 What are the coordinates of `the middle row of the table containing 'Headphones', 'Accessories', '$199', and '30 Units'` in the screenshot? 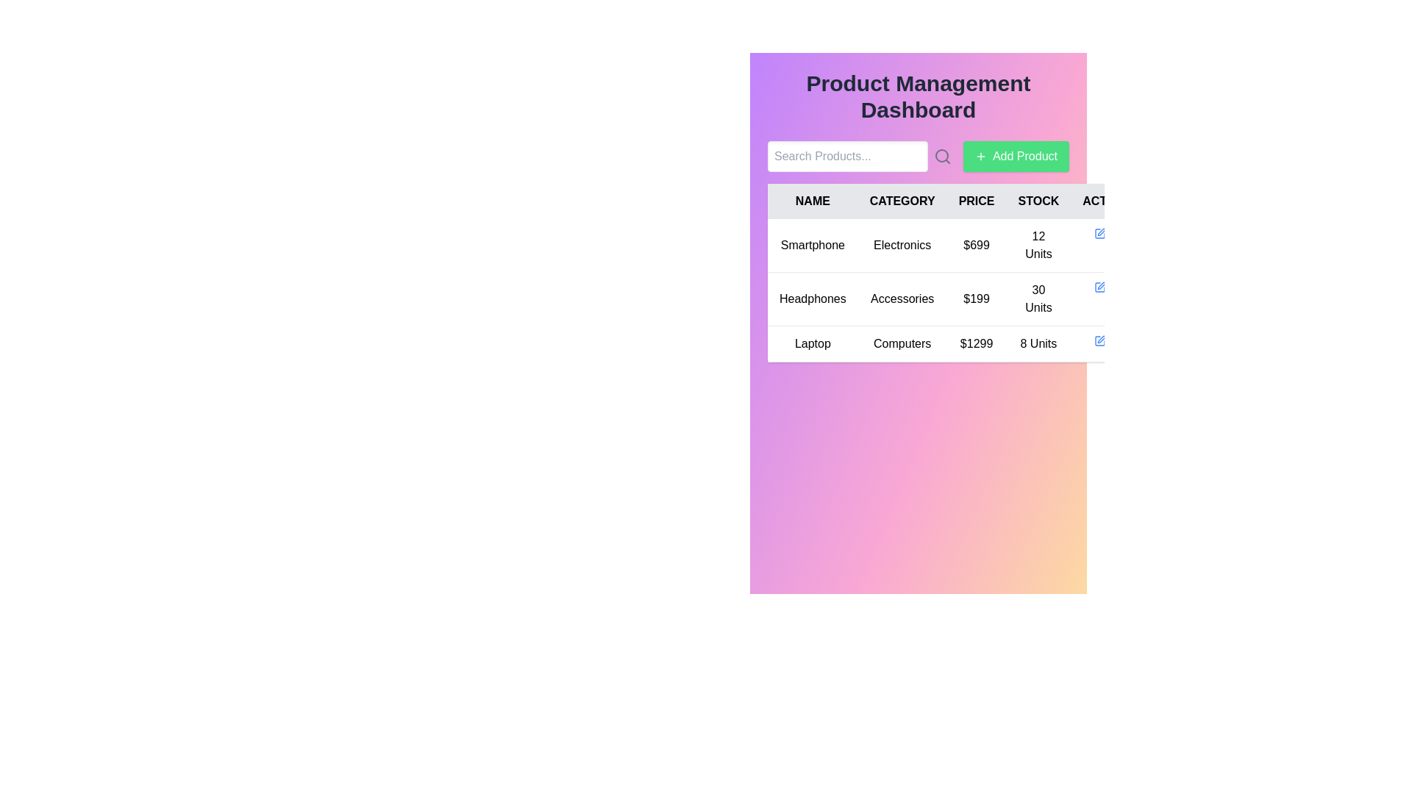 It's located at (958, 298).